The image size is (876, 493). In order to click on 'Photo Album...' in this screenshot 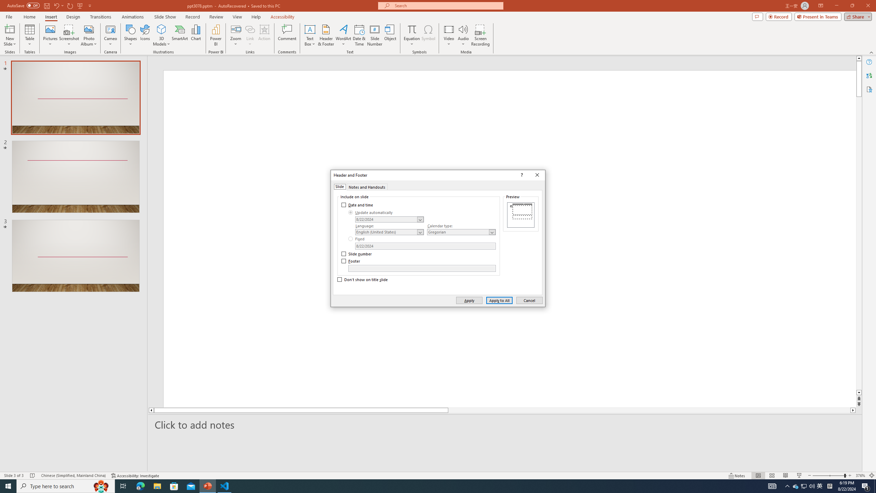, I will do `click(88, 35)`.